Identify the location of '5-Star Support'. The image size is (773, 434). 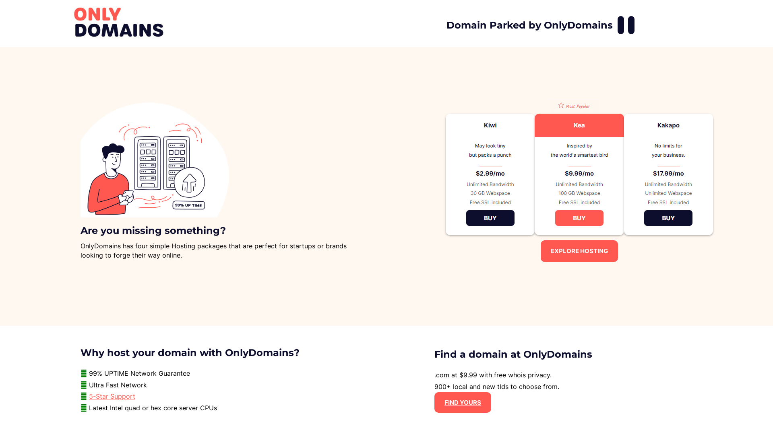
(112, 396).